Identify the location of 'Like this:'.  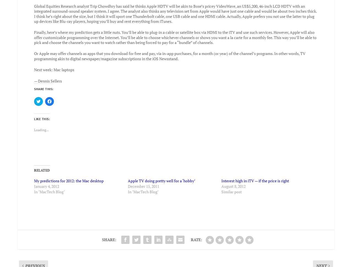
(34, 115).